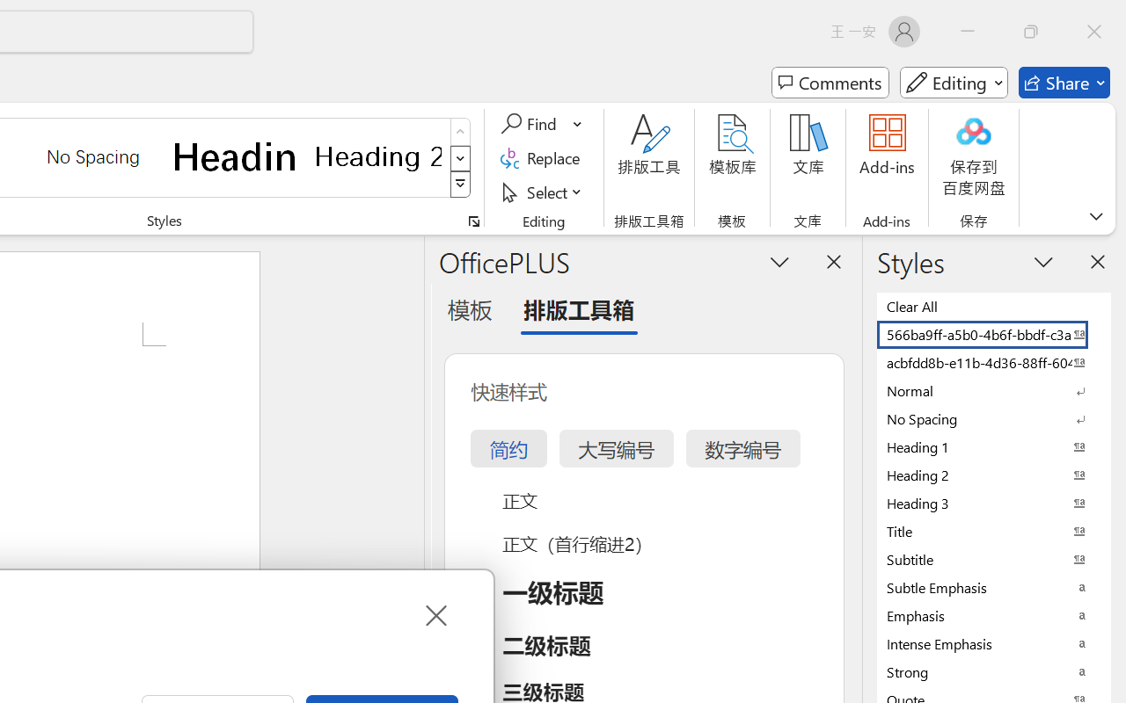  Describe the element at coordinates (530, 124) in the screenshot. I see `'Find'` at that location.